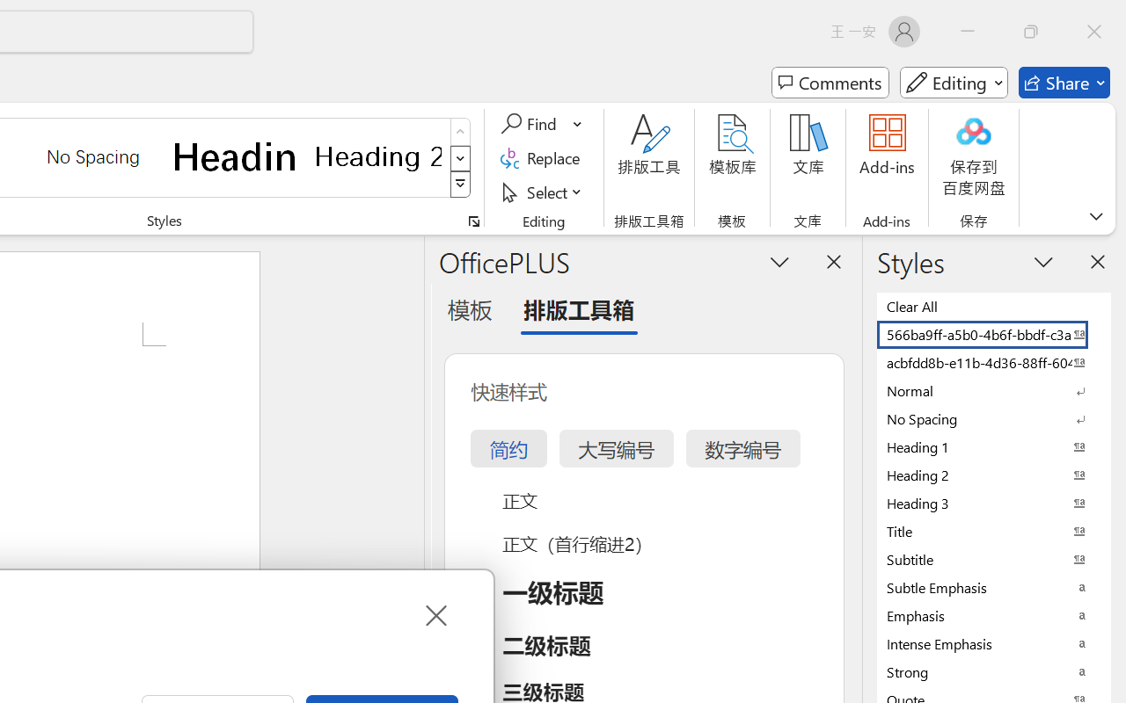  Describe the element at coordinates (530, 124) in the screenshot. I see `'Find'` at that location.